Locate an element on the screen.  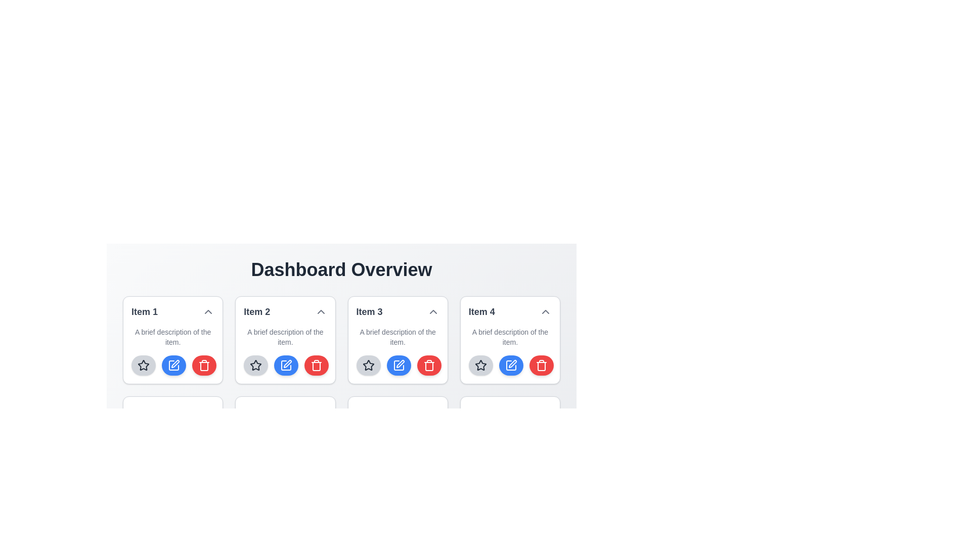
the star-shaped icon button outlined in dark gray, located at the bottom of the 'Item 1' card is located at coordinates (143, 365).